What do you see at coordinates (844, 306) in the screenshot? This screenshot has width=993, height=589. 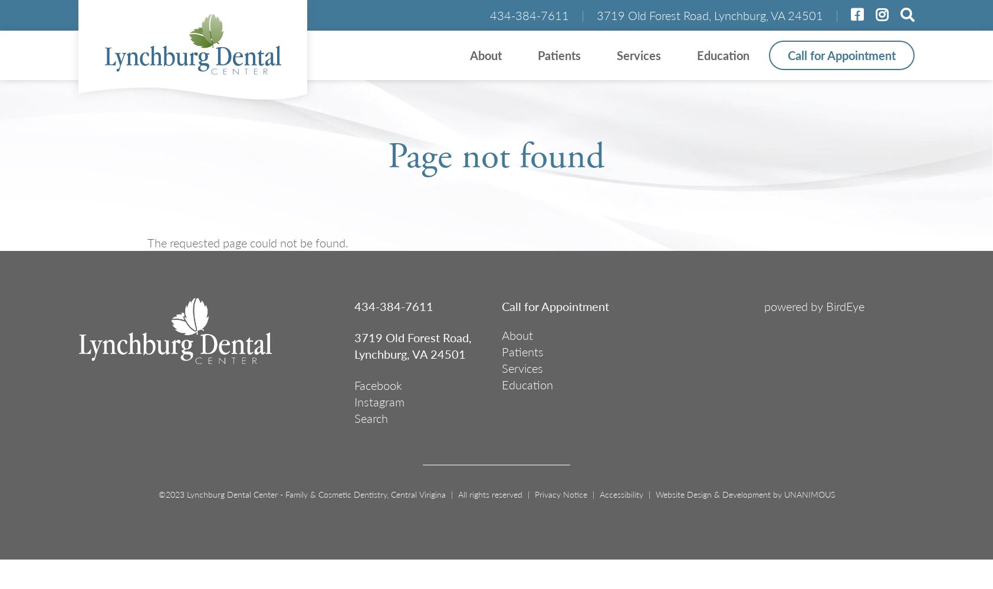 I see `'BirdEye'` at bounding box center [844, 306].